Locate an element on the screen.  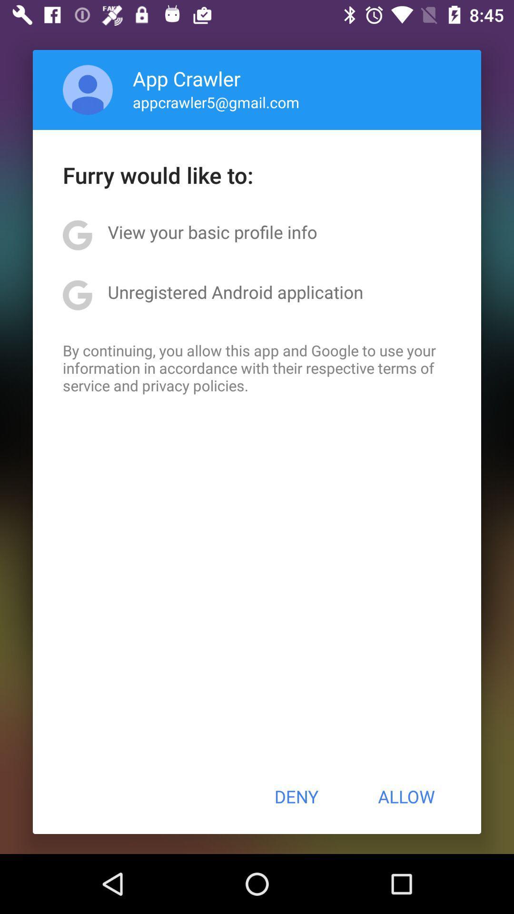
the item above furry would like is located at coordinates (216, 102).